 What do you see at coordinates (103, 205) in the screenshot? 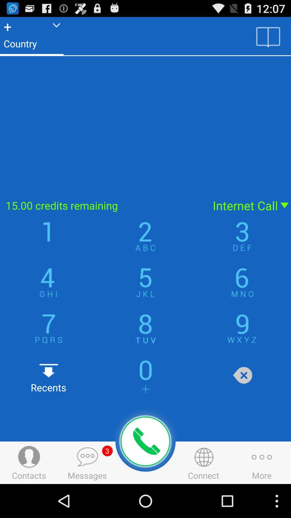
I see `the 15 00 credits` at bounding box center [103, 205].